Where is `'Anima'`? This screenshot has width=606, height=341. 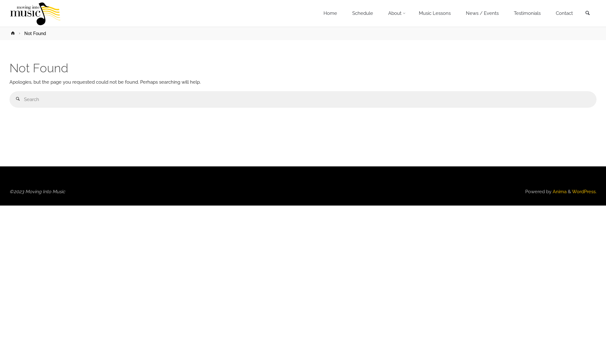 'Anima' is located at coordinates (559, 191).